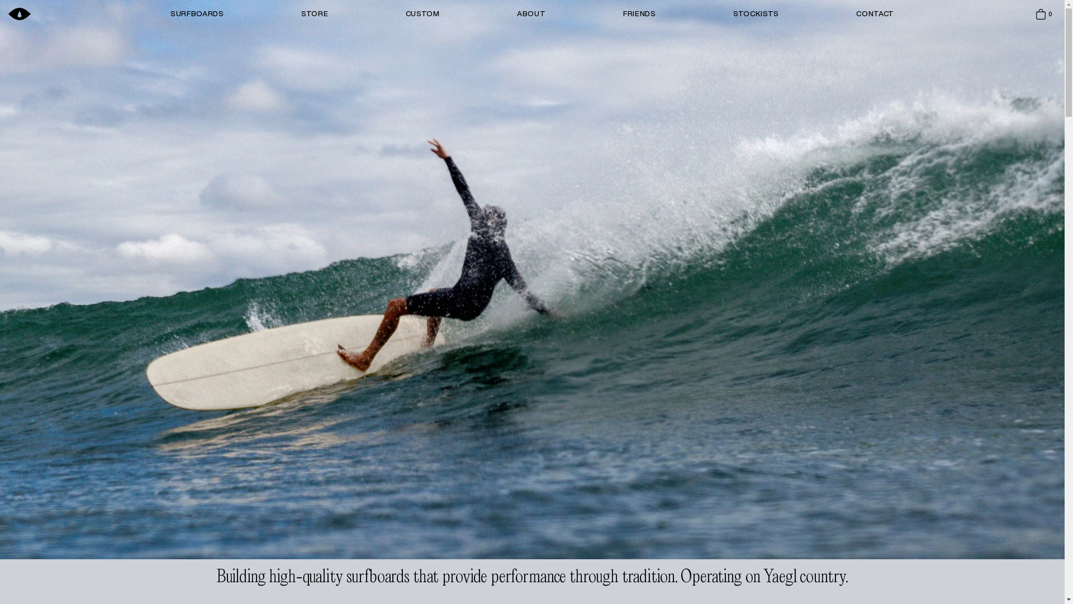  Describe the element at coordinates (1044, 13) in the screenshot. I see `'0'` at that location.